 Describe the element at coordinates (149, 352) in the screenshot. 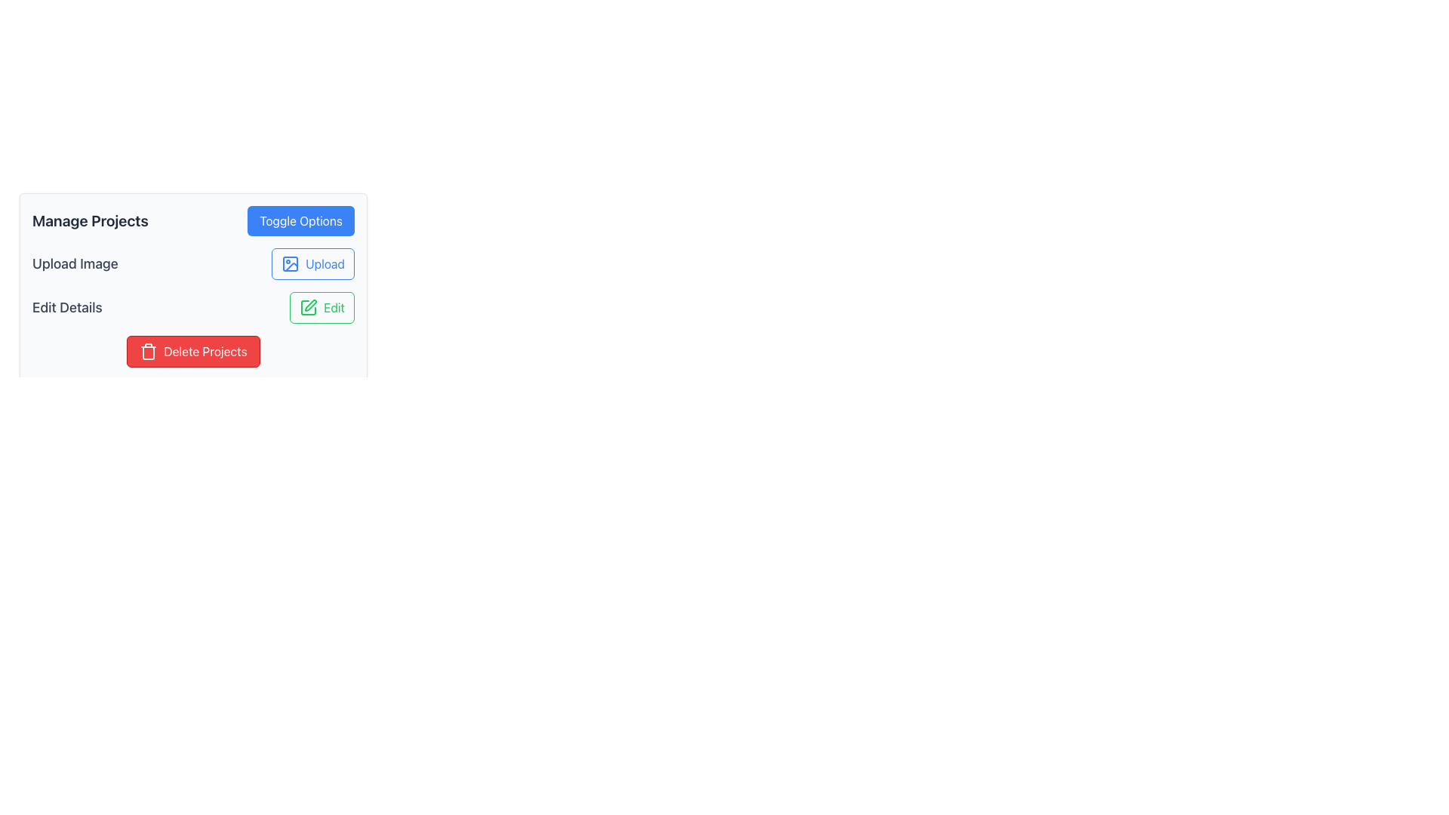

I see `the trash can icon within the 'Delete Projects' button in the 'Manage Projects' section, which is represented as a vertical rectangle with rounded corners, to understand its visual meaning in the context of deletion operations` at that location.